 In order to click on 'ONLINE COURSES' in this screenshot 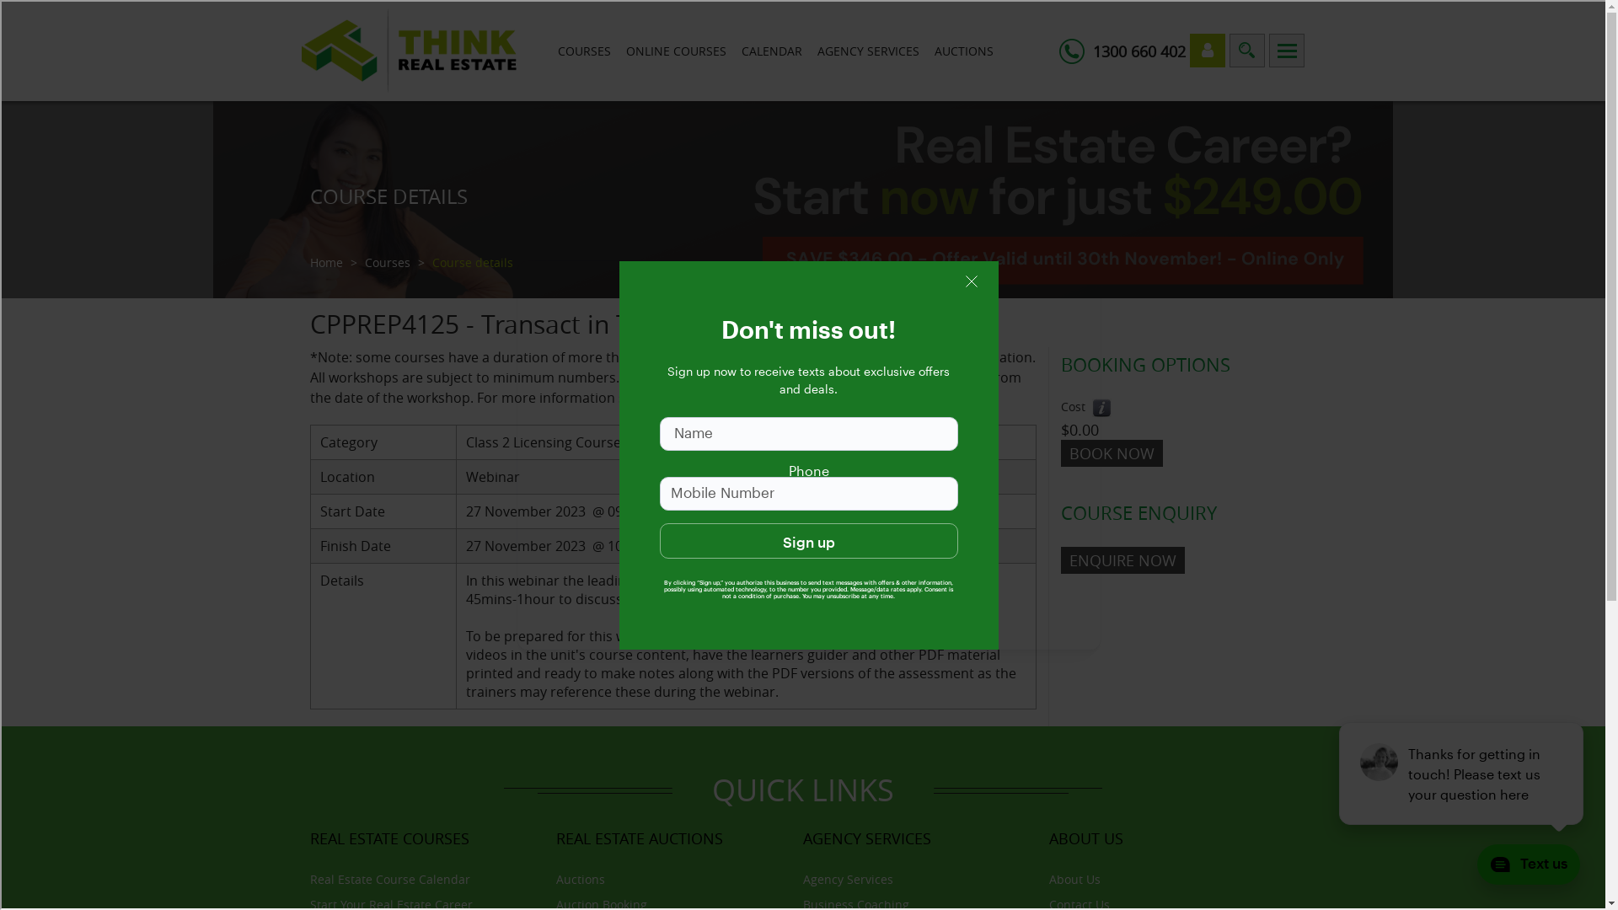, I will do `click(675, 50)`.